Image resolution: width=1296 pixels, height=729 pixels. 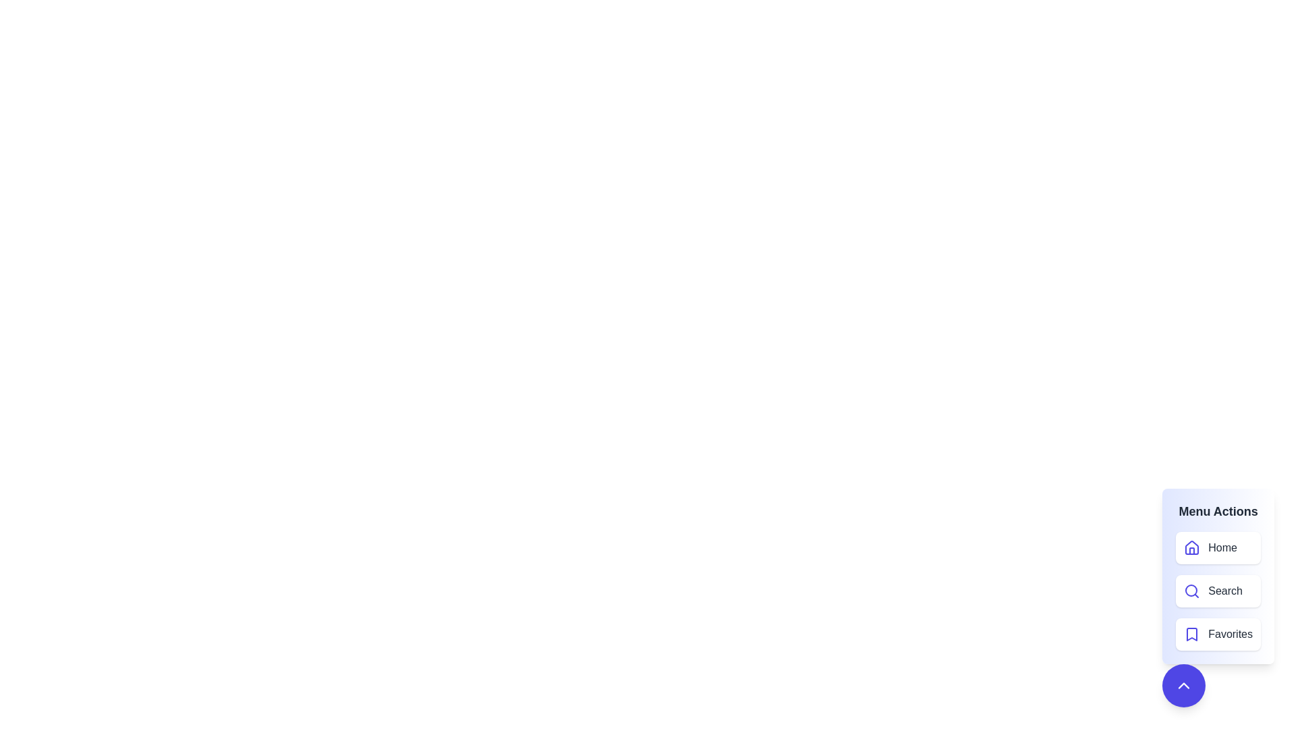 I want to click on the menu item Search from the menu, so click(x=1218, y=590).